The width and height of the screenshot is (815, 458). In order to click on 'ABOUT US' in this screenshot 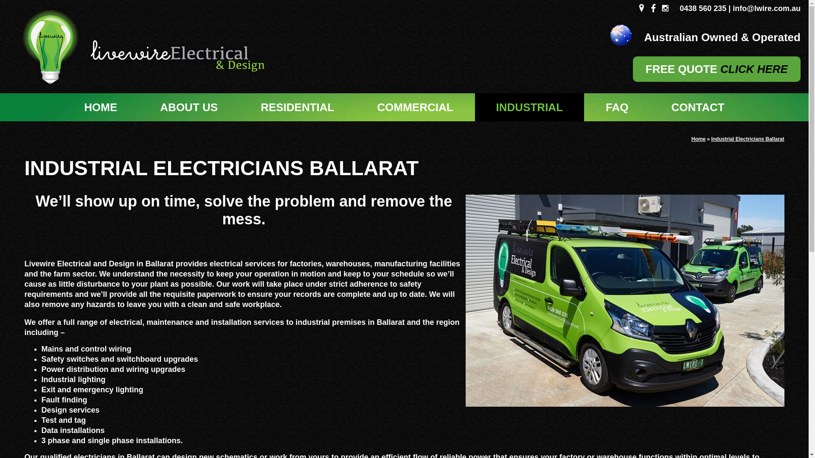, I will do `click(188, 107)`.